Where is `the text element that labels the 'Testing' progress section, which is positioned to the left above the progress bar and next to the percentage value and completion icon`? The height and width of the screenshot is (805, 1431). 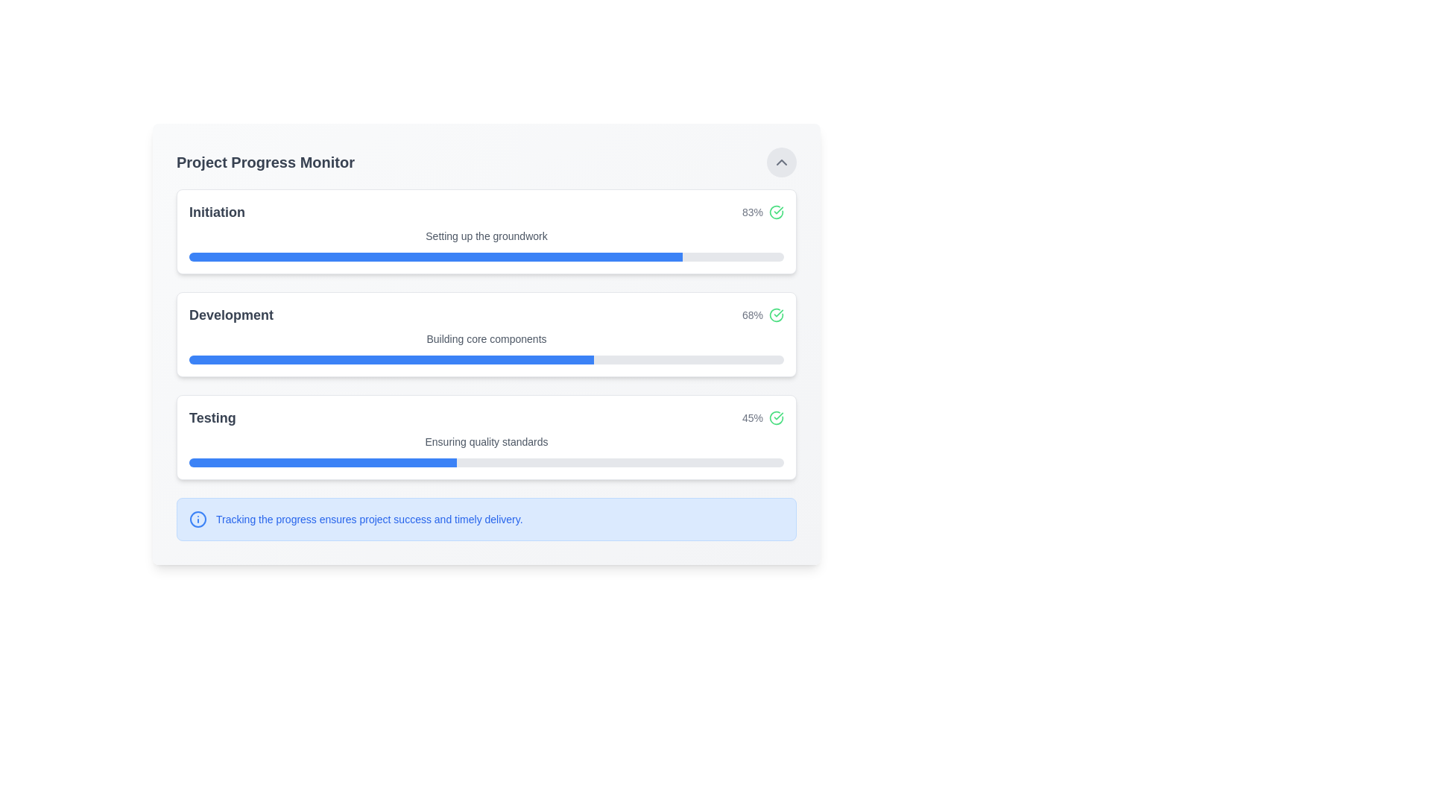 the text element that labels the 'Testing' progress section, which is positioned to the left above the progress bar and next to the percentage value and completion icon is located at coordinates (212, 417).